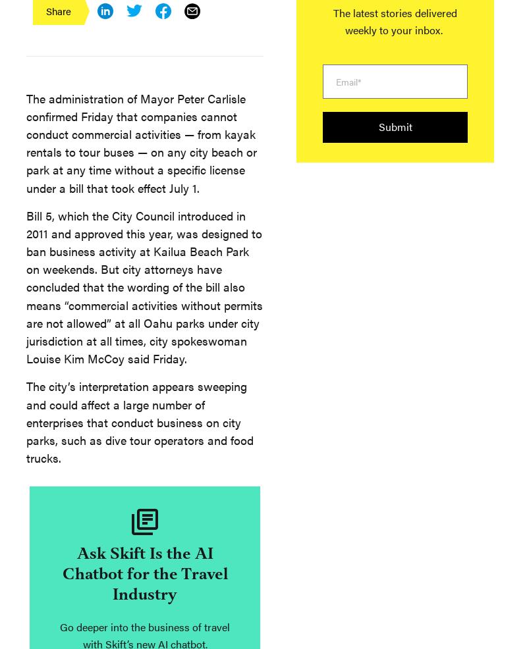 This screenshot has width=527, height=649. What do you see at coordinates (118, 552) in the screenshot?
I see `'Rashaad Jorden | 5 days ago'` at bounding box center [118, 552].